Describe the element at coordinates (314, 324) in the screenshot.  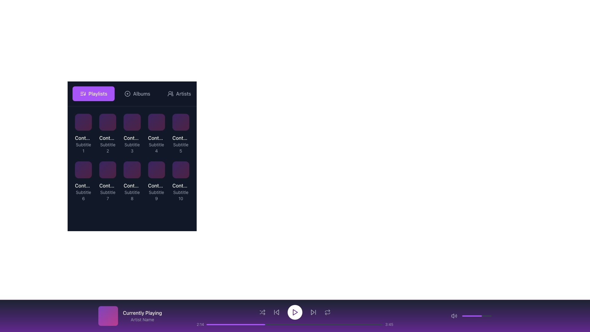
I see `the playback position` at that location.